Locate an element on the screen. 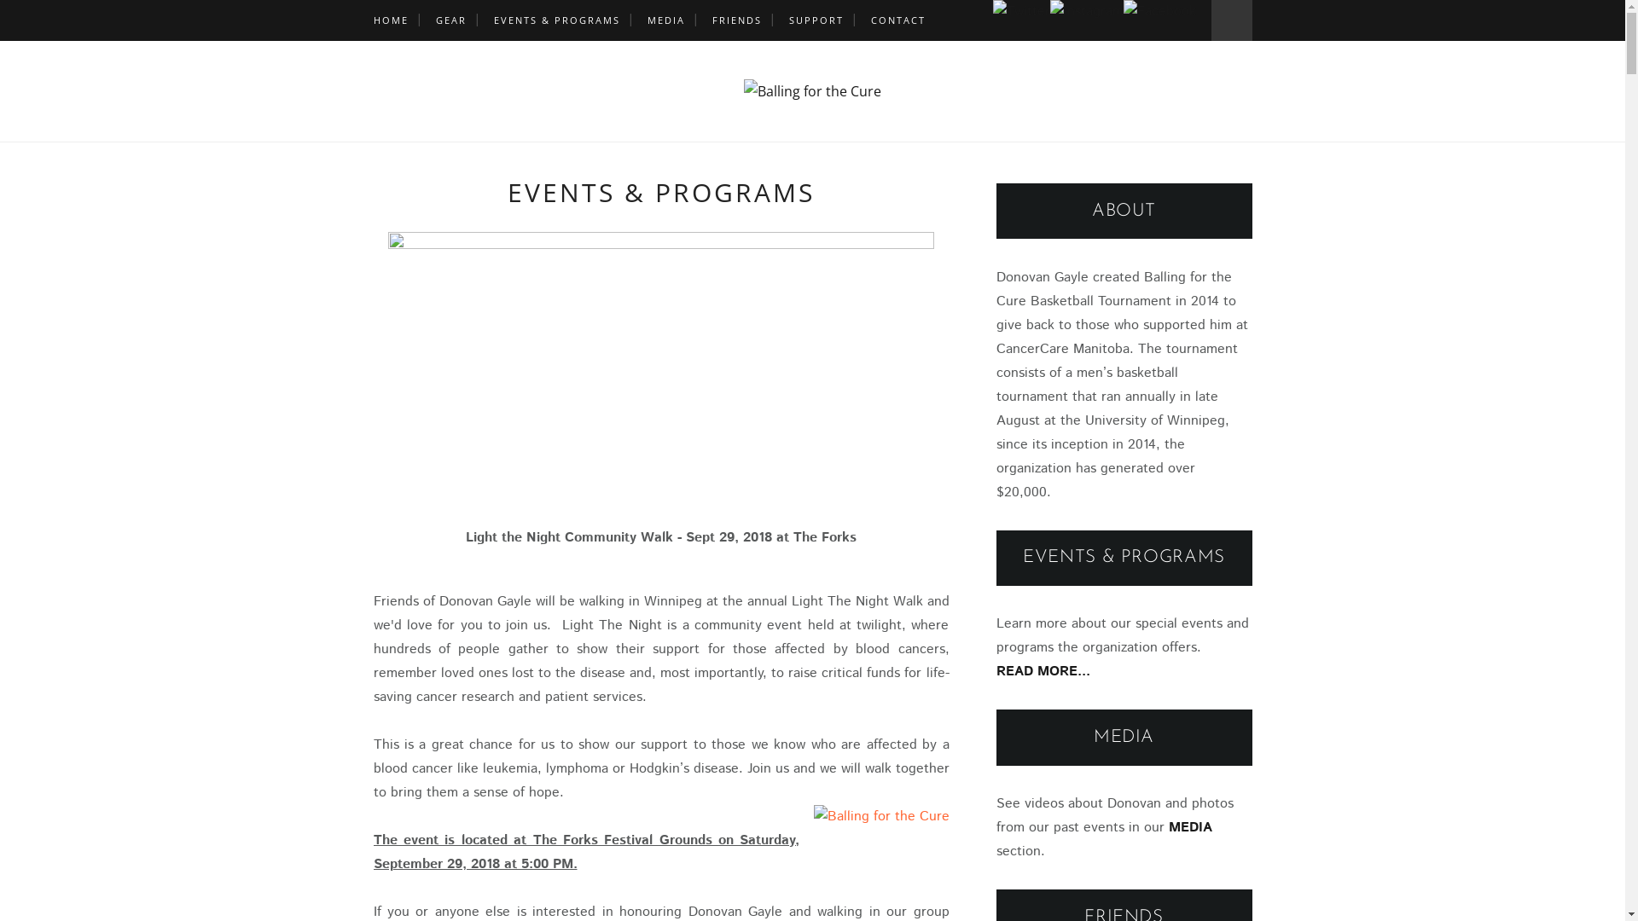  'READ MORE...' is located at coordinates (996, 670).